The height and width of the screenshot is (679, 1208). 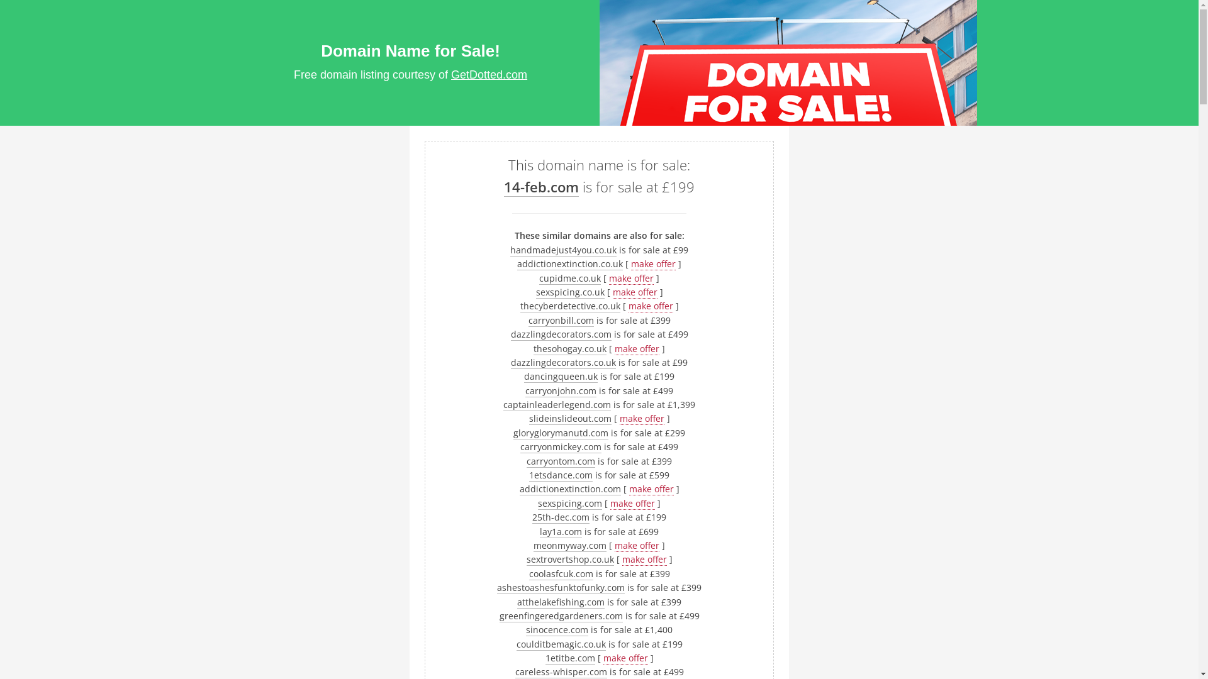 I want to click on 'sinocence.com', so click(x=525, y=630).